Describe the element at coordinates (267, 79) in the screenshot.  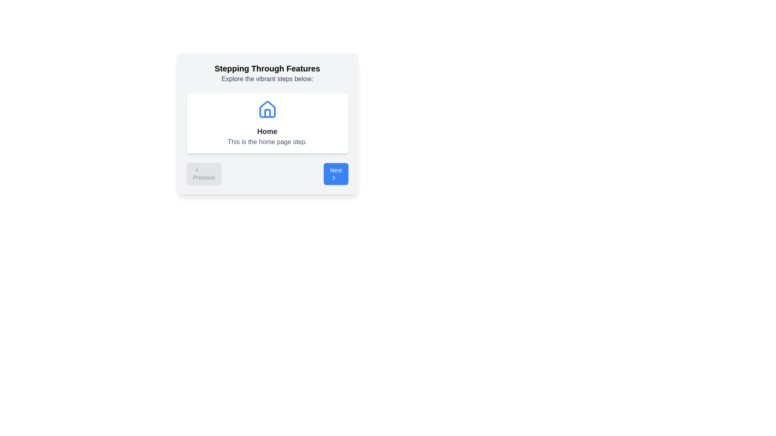
I see `the label that reads 'Explore the vibrant steps below:' which is styled in gray font and located beneath the title 'Stepping Through Features'` at that location.